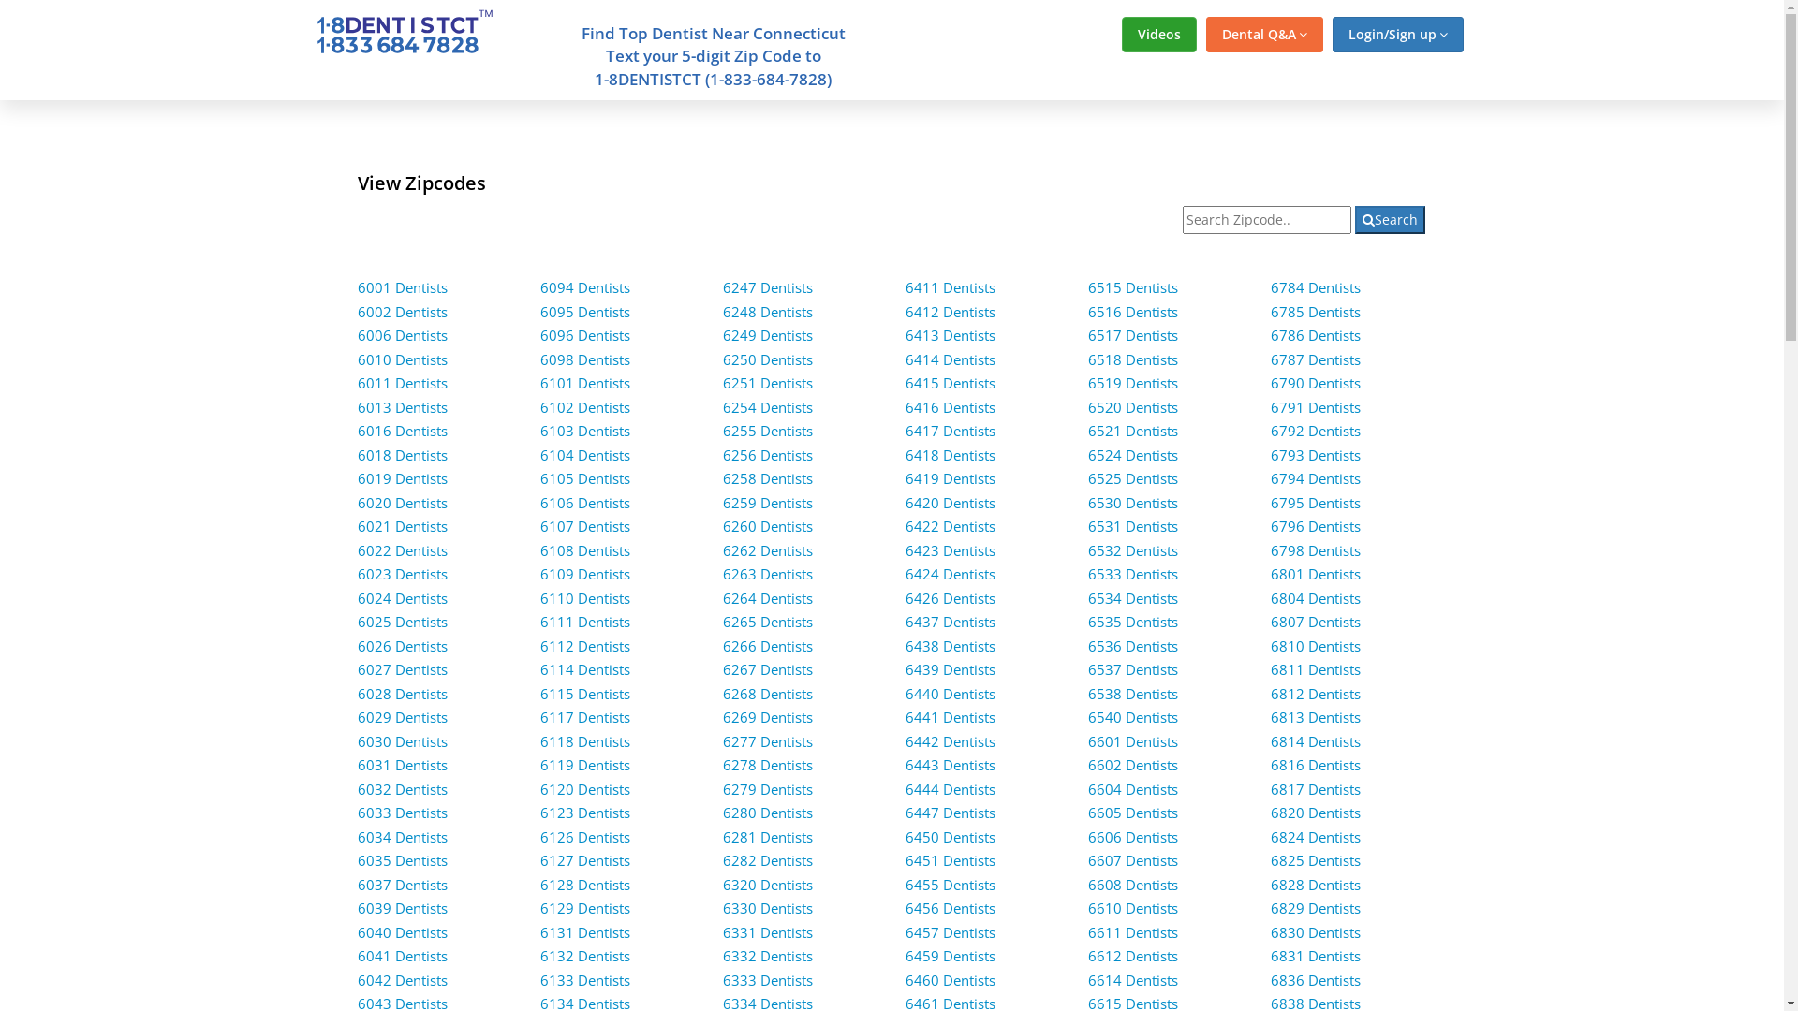 The width and height of the screenshot is (1798, 1011). Describe the element at coordinates (1131, 906) in the screenshot. I see `'6610 Dentists'` at that location.